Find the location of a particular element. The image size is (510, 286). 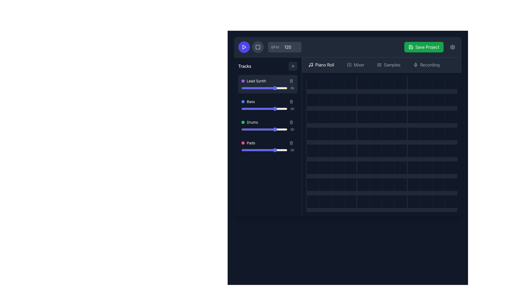

the grid cell located in the seventh column and fourth row, which has a dark gray background and no textual or iconographic content is located at coordinates (401, 151).